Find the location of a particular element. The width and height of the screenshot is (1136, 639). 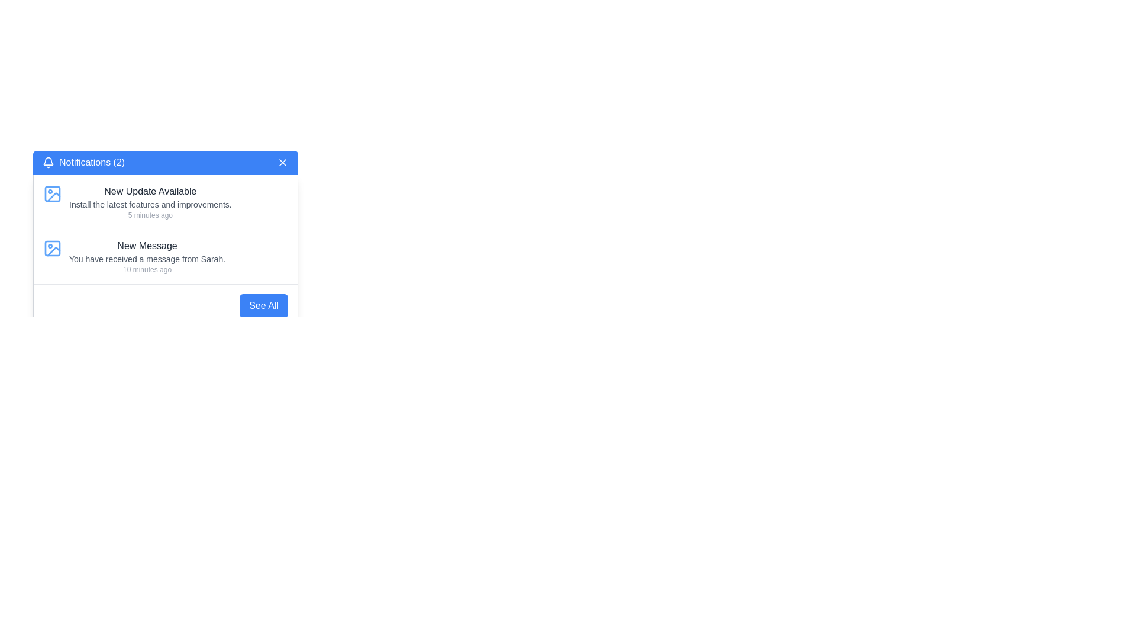

the Text Label that serves as a heading for the notification message, positioned above other text elements within the notification box is located at coordinates (147, 246).